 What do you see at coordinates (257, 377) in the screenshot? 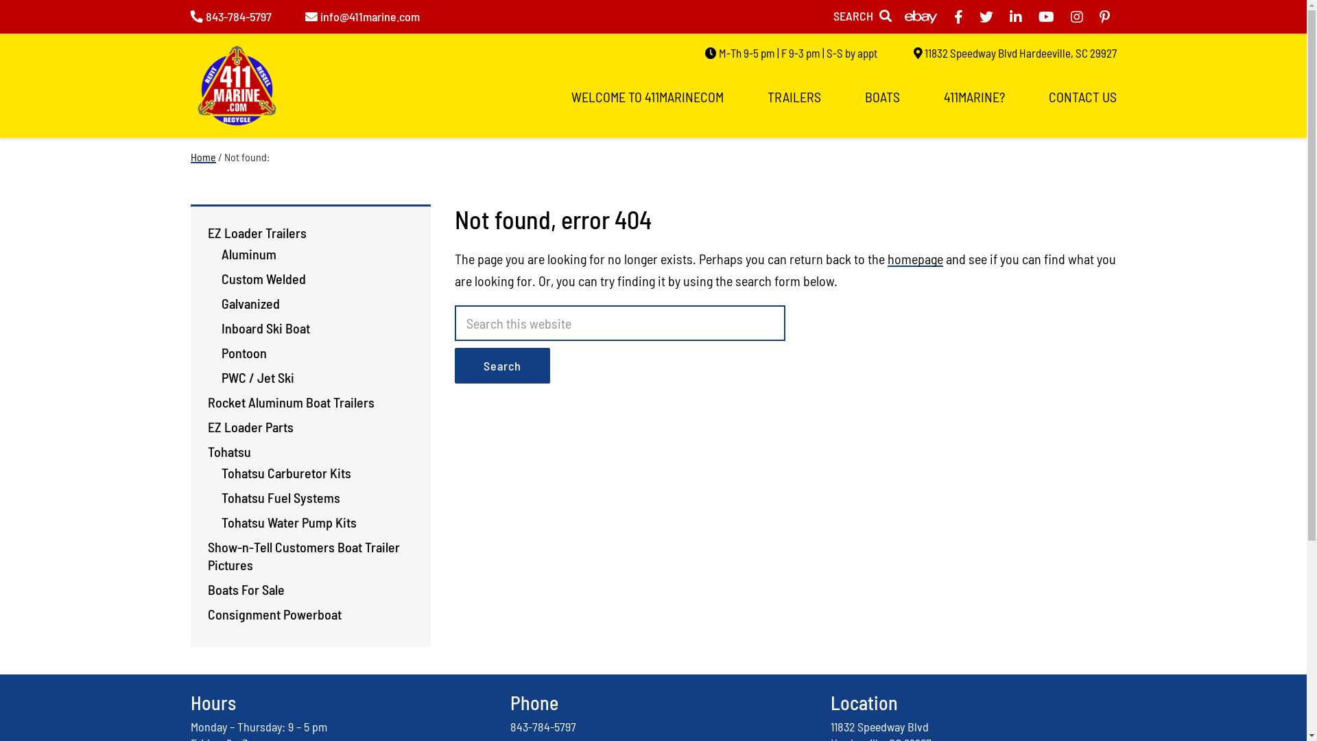
I see `'PWC / Jet Ski'` at bounding box center [257, 377].